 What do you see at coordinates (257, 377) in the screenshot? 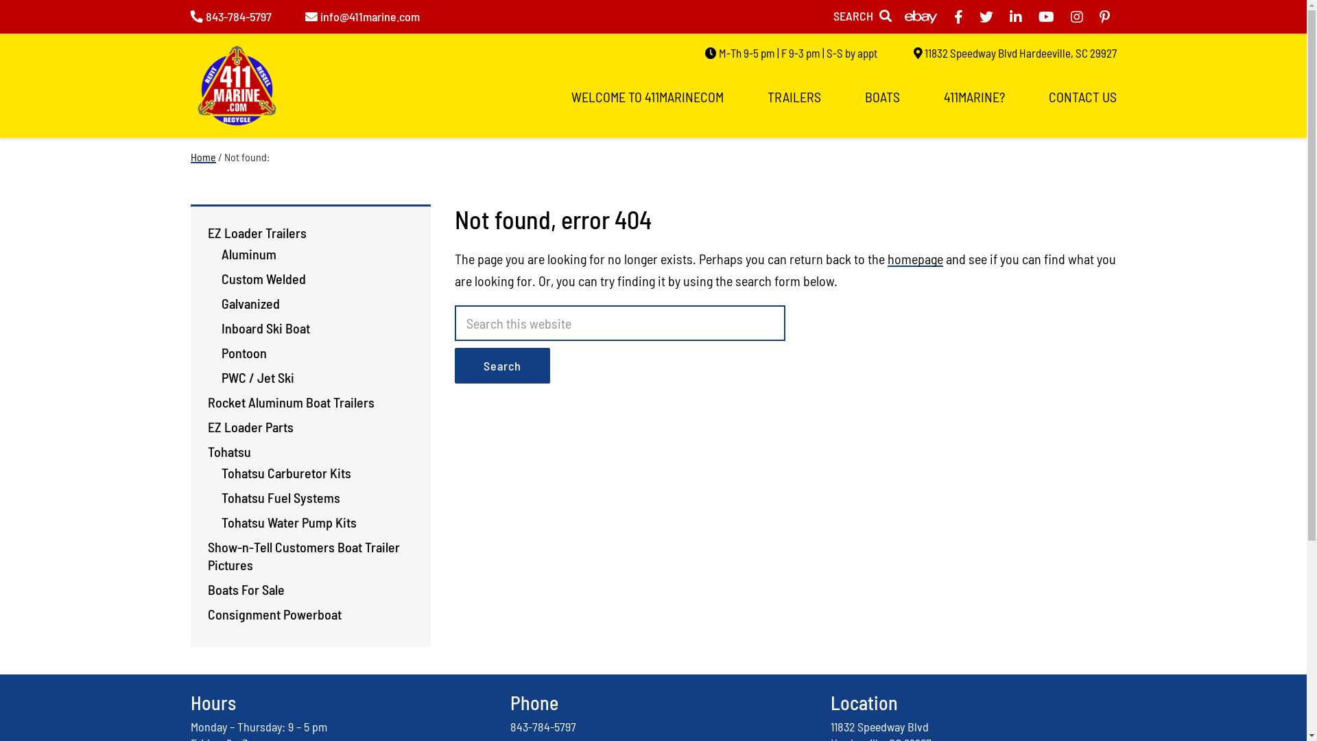
I see `'PWC / Jet Ski'` at bounding box center [257, 377].